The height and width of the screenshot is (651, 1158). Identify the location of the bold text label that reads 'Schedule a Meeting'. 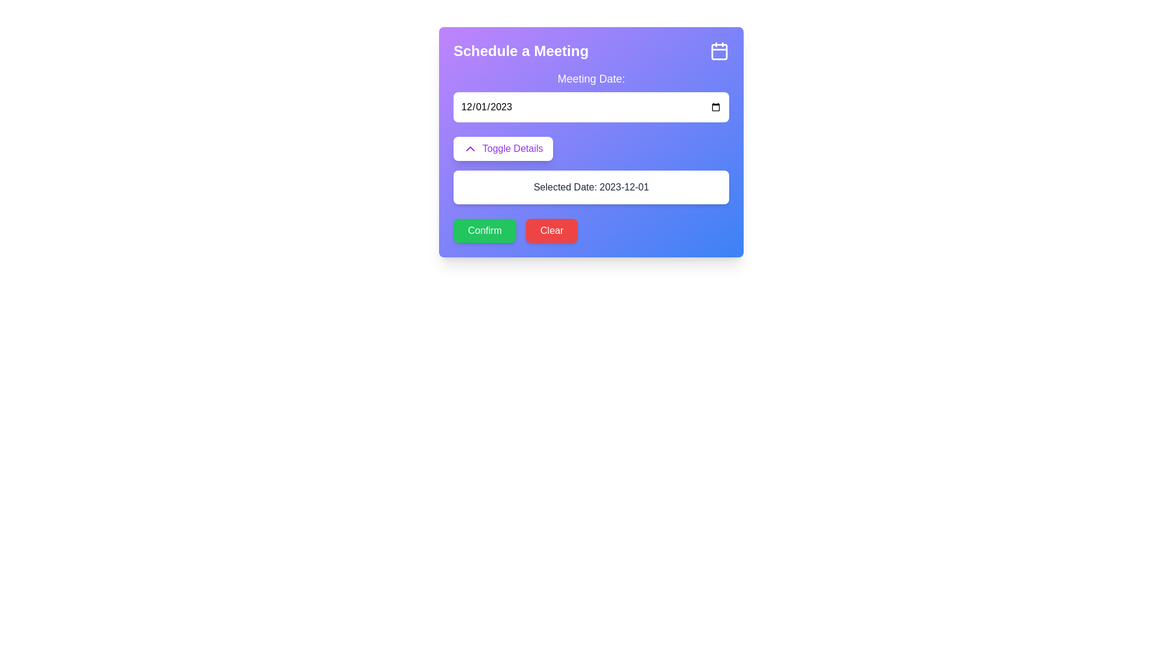
(521, 50).